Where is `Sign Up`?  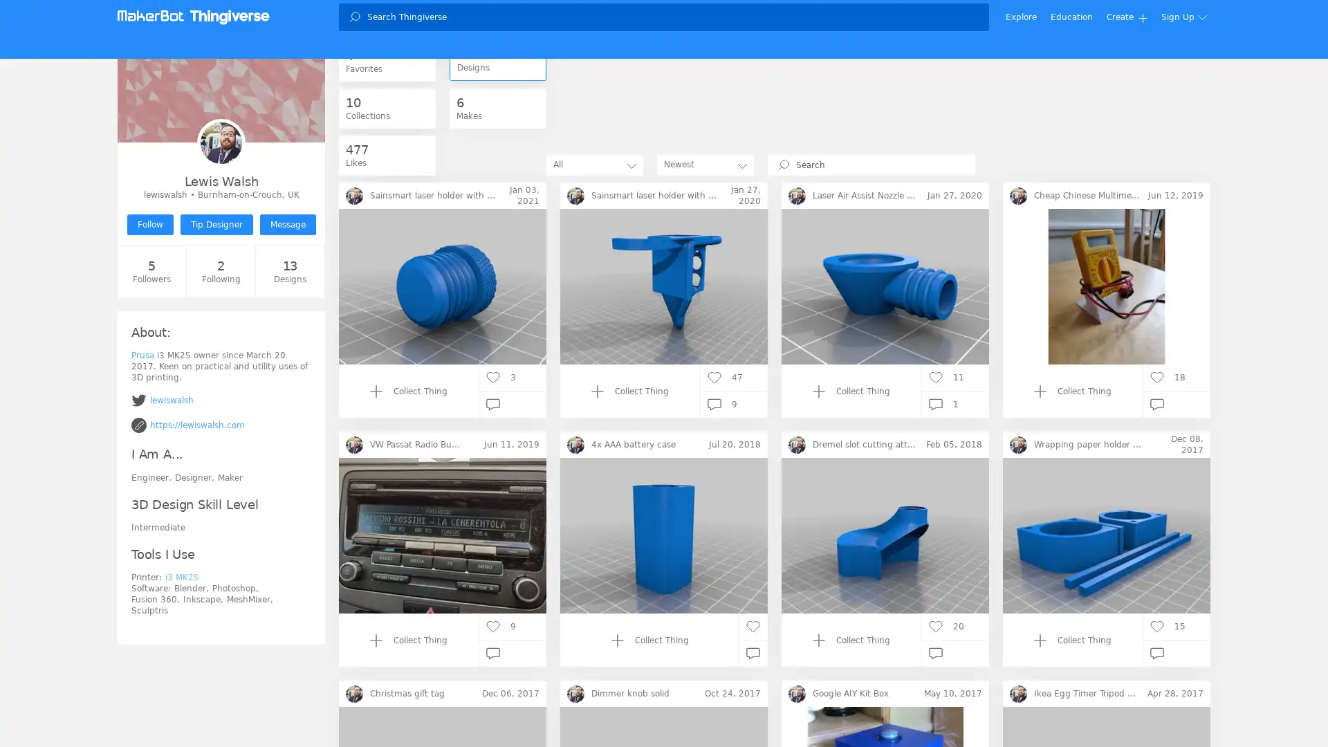
Sign Up is located at coordinates (1185, 17).